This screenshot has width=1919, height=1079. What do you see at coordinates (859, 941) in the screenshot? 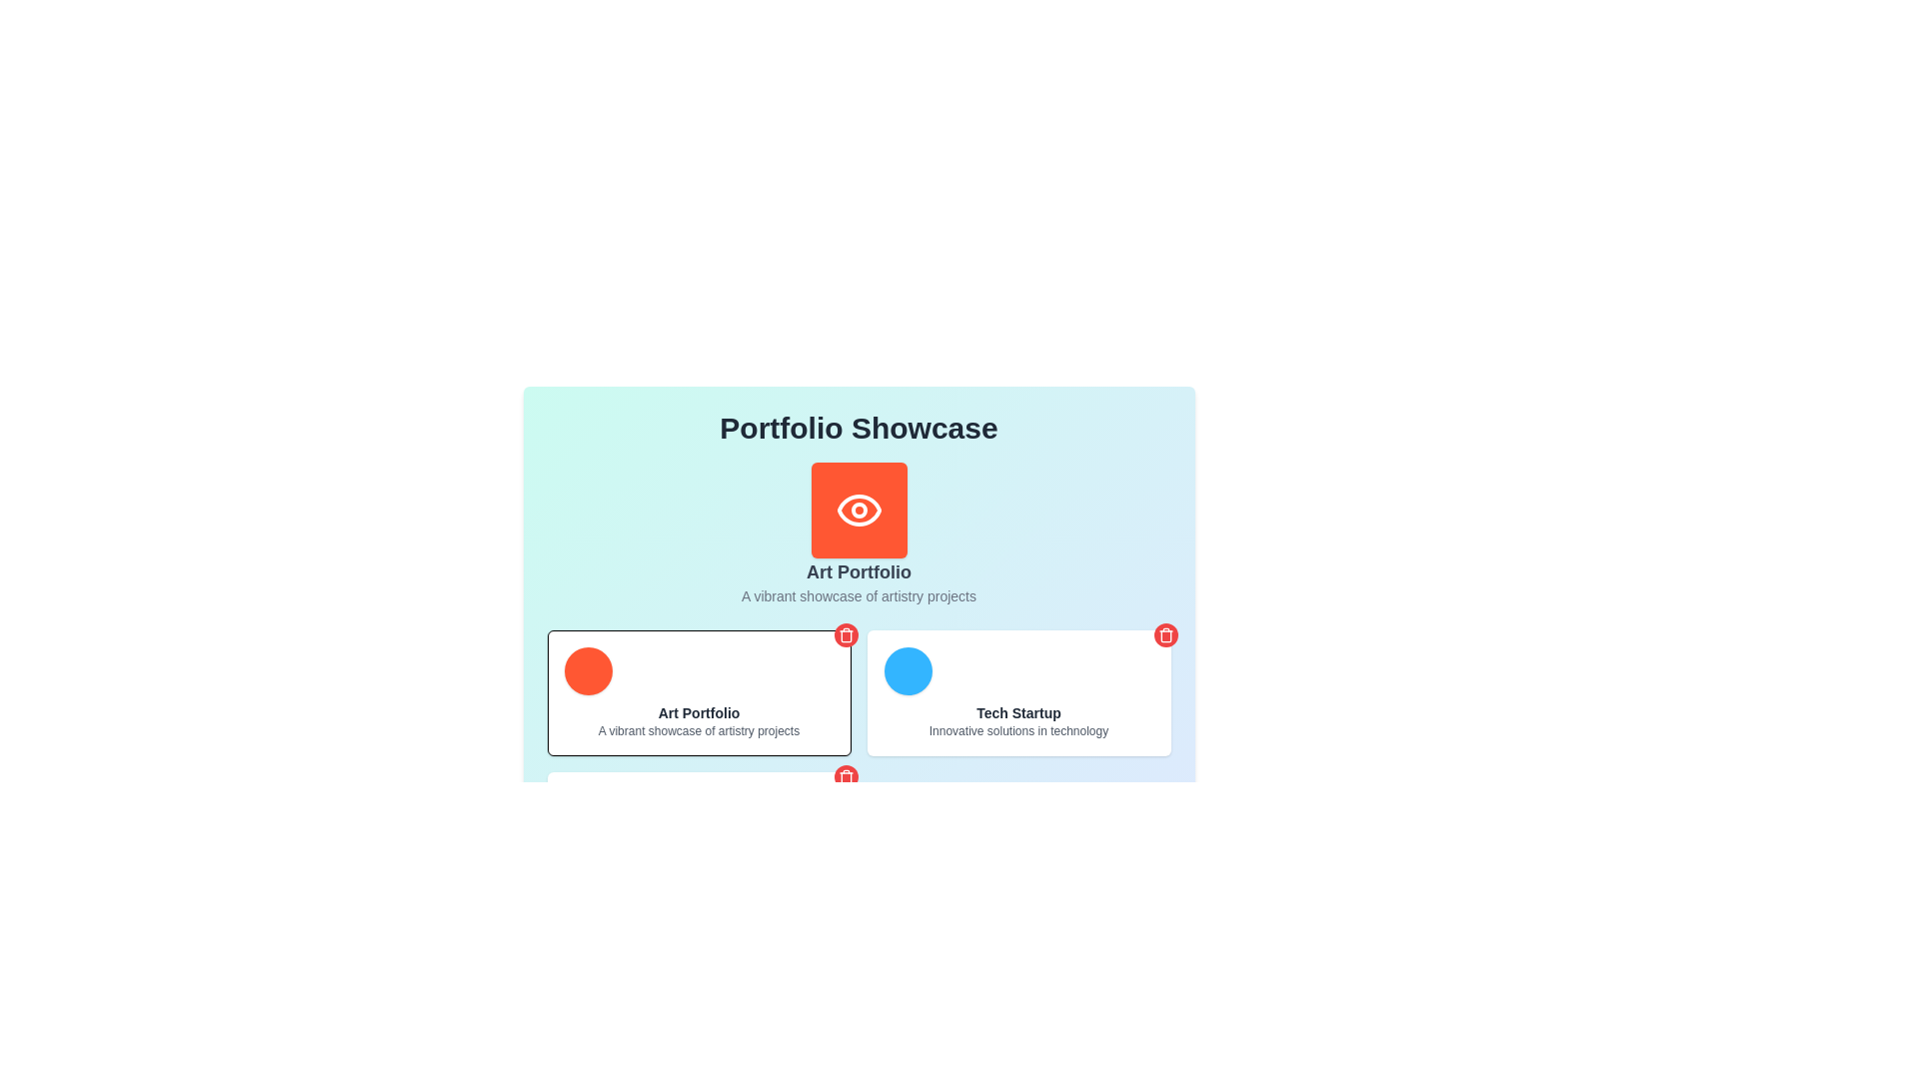
I see `the project creation button located at the center of the bottom section of the interface` at bounding box center [859, 941].